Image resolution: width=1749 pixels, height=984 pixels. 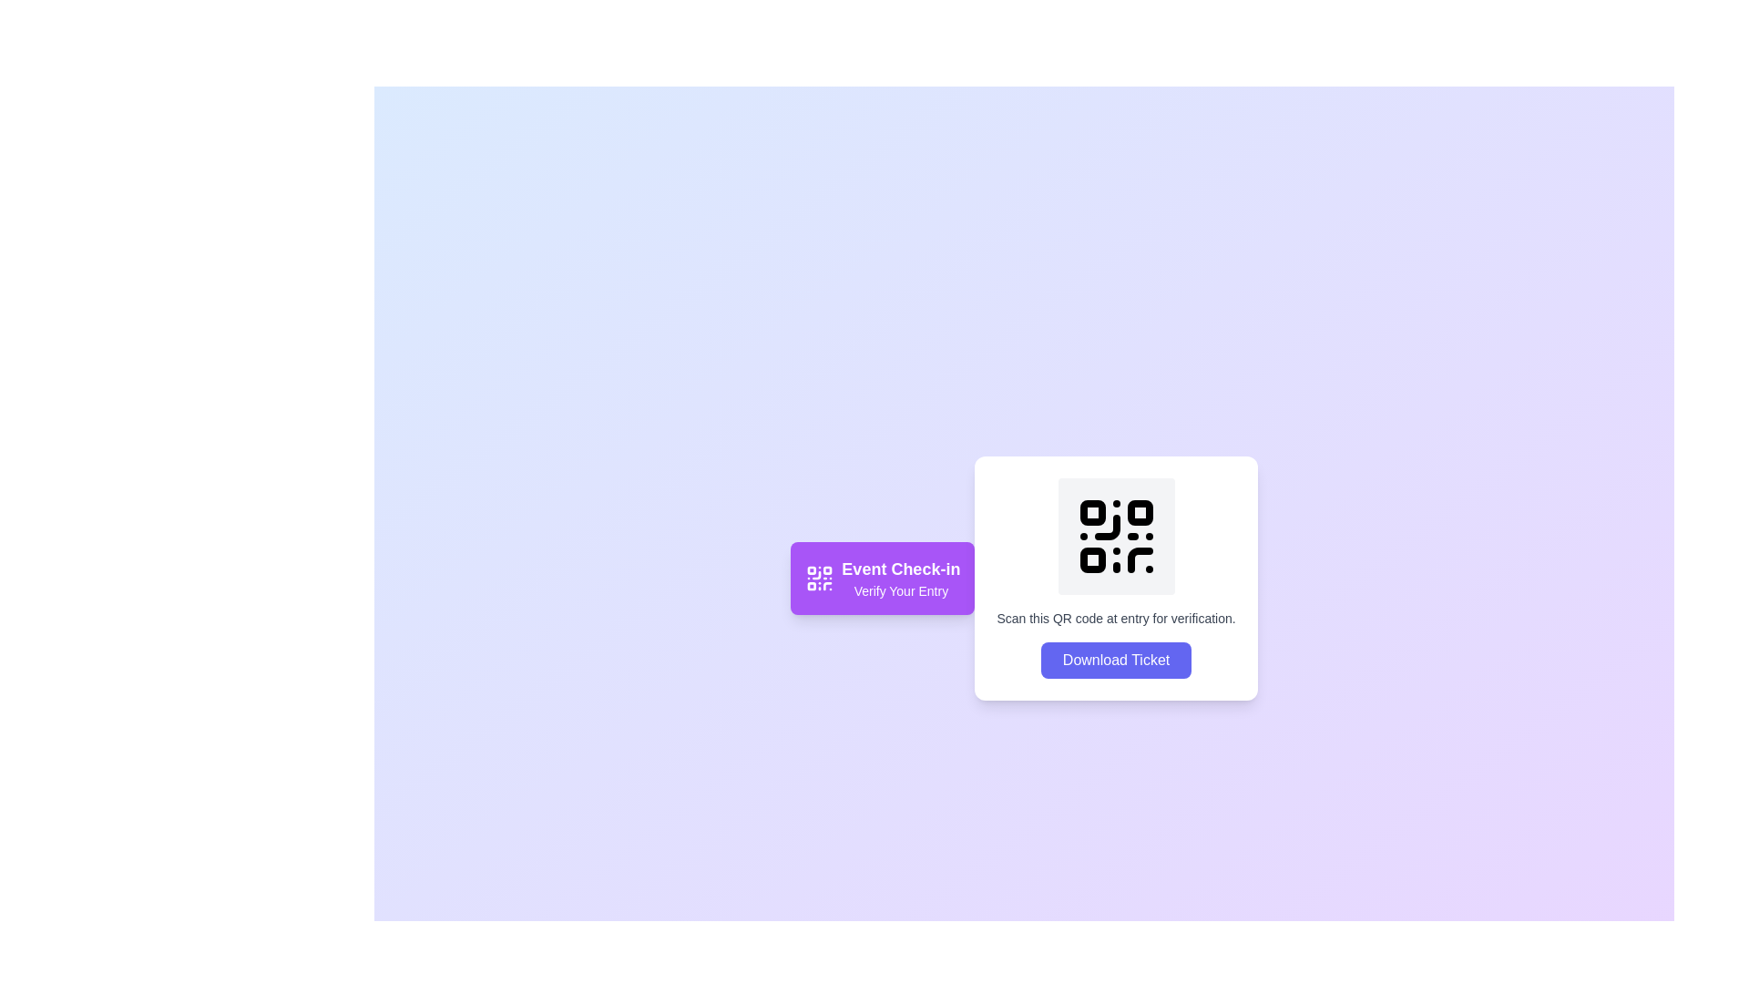 I want to click on the text label that displays the instruction 'Scan this QR code at entry for verification.', which is positioned below the QR code image and above the 'Download Ticket' button, so click(x=1115, y=617).